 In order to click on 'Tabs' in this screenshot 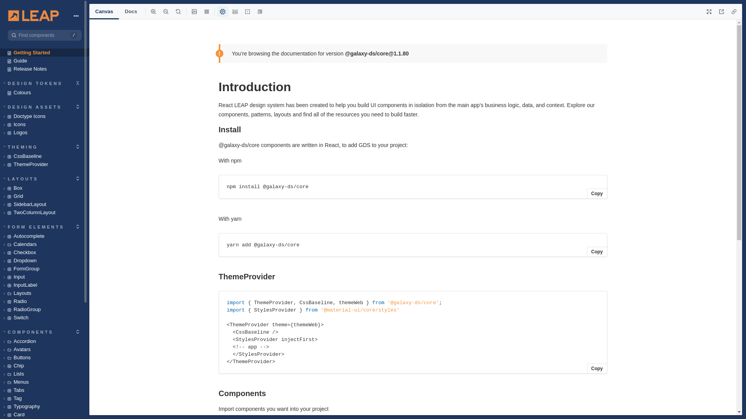, I will do `click(0, 390)`.